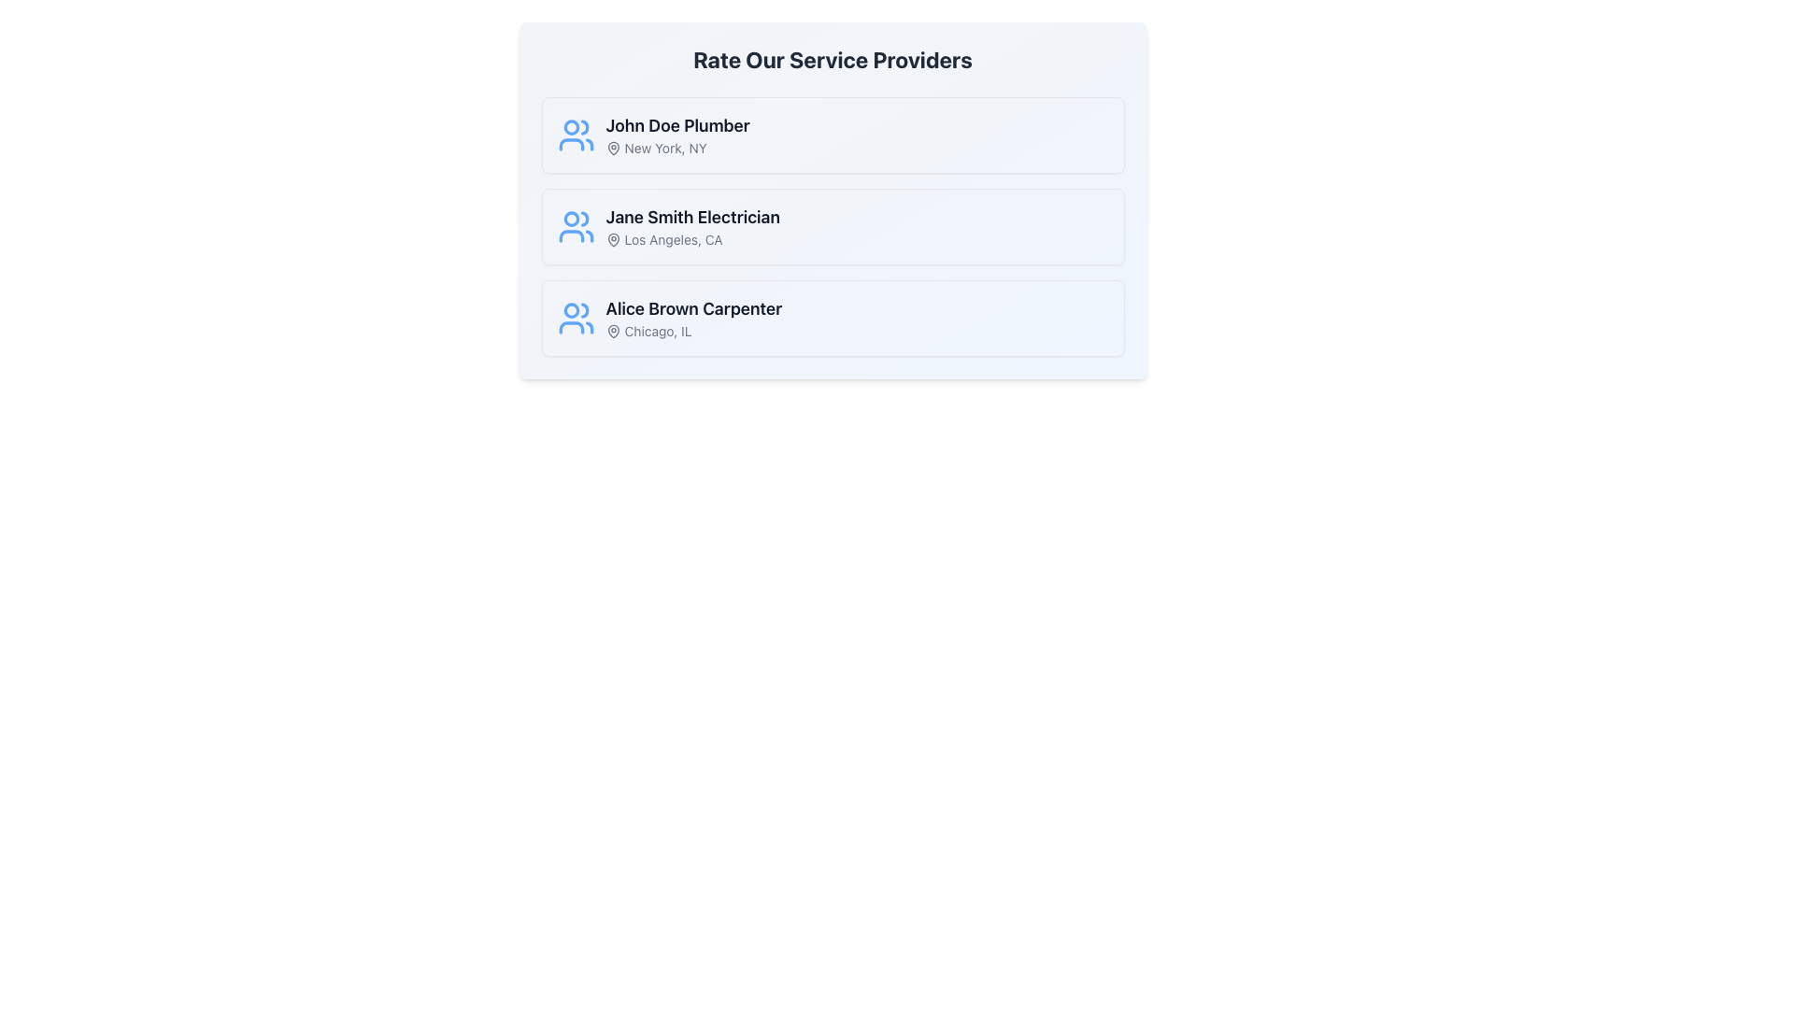 This screenshot has width=1794, height=1009. I want to click on the location marker icon adjacent to the text 'Chicago, IL' in the last card of the vertical list under the title 'Alice Brown Carpenter', so click(613, 330).